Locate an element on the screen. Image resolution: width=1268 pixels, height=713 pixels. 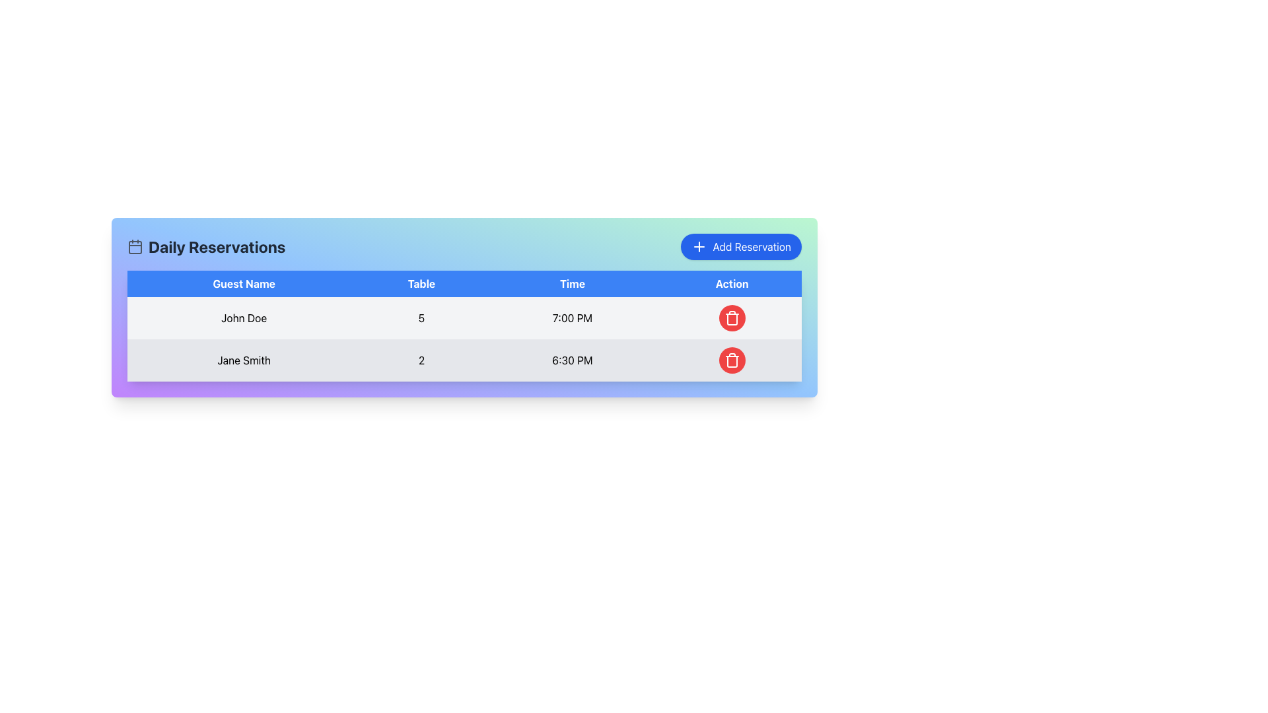
the table cell content representing a guest name in the first column of the first row under 'Guest Name' in the 'Daily Reservations' table is located at coordinates (244, 318).